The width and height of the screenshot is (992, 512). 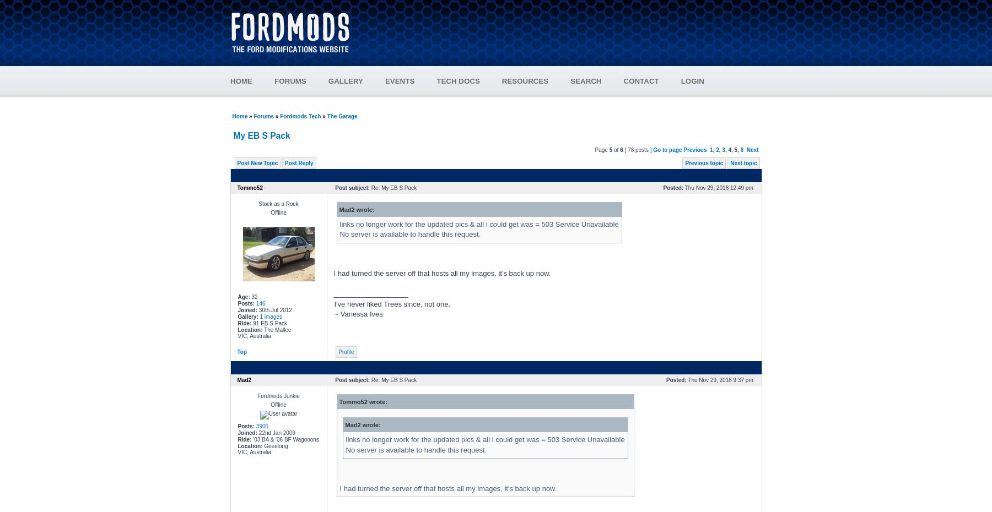 I want to click on '22nd Jan 2009', so click(x=276, y=432).